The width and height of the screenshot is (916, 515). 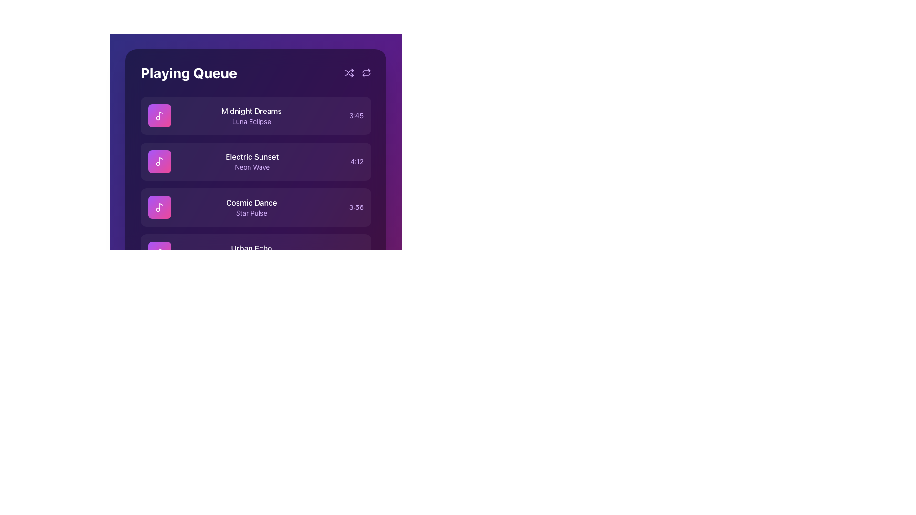 What do you see at coordinates (356, 115) in the screenshot?
I see `text displayed in the purple-colored text label showing '3:45', located to the right side of the song title 'Midnight Dreams' in the music queue interface` at bounding box center [356, 115].